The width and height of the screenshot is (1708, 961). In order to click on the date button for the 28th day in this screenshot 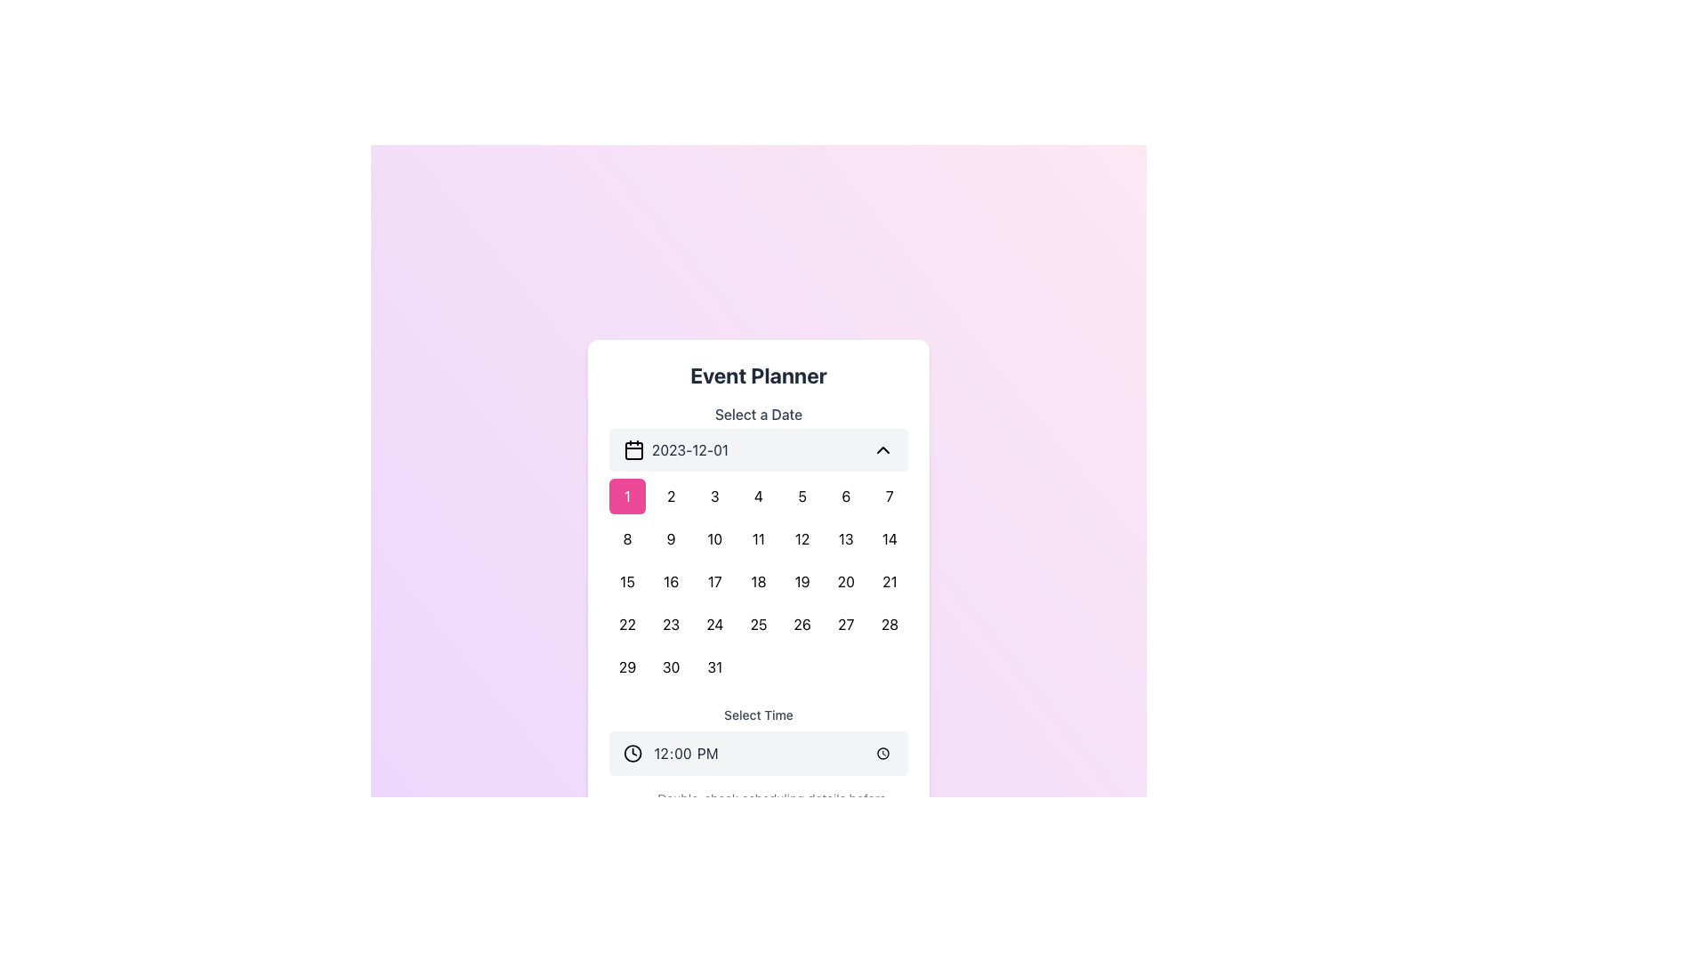, I will do `click(890, 624)`.